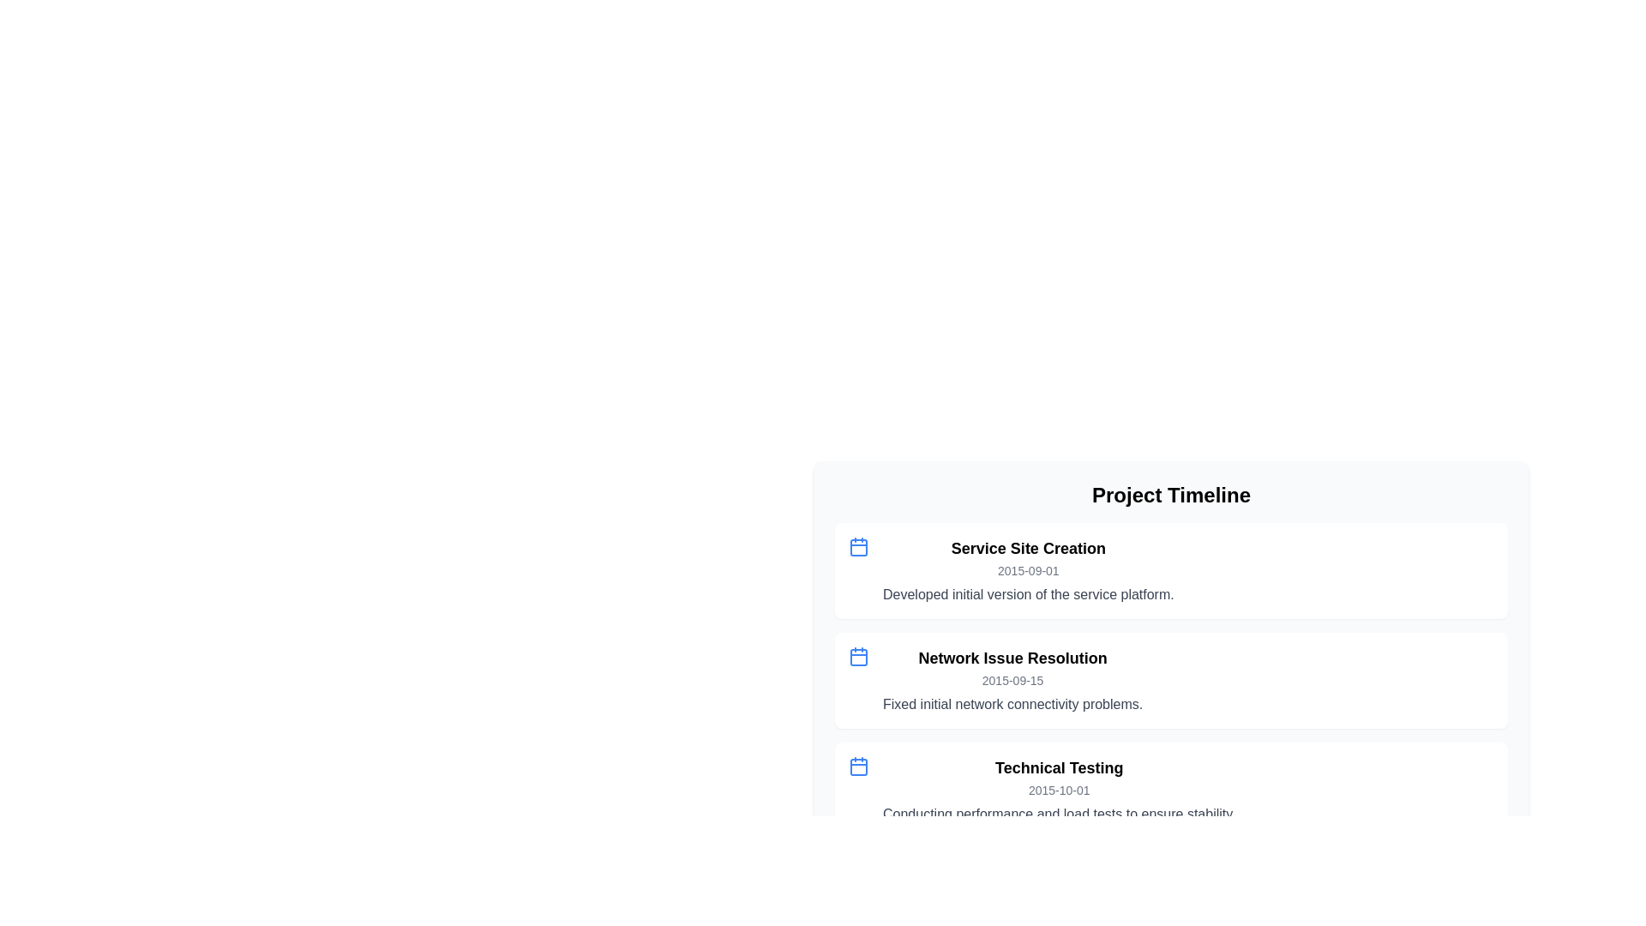 This screenshot has height=926, width=1646. Describe the element at coordinates (1058, 790) in the screenshot. I see `text displaying the date for the 'Technical Testing' event, located in the third timeline entry, just below the title text` at that location.